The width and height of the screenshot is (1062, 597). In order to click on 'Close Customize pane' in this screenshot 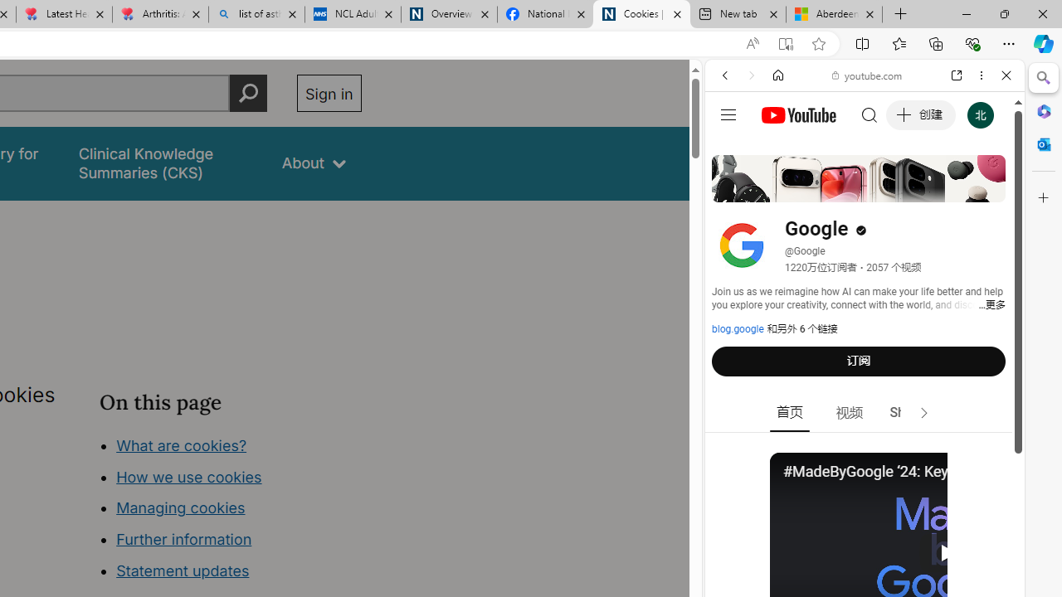, I will do `click(1043, 197)`.